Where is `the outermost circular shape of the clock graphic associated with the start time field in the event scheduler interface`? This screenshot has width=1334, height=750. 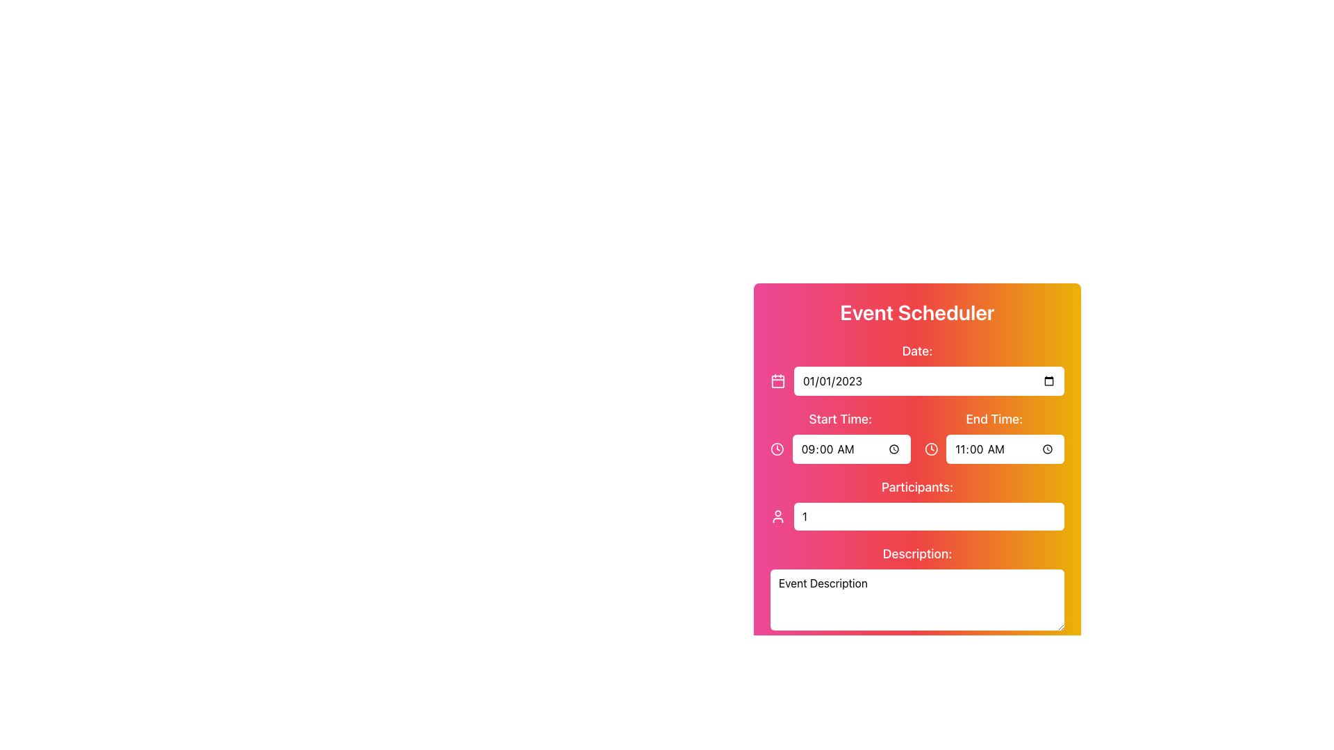
the outermost circular shape of the clock graphic associated with the start time field in the event scheduler interface is located at coordinates (931, 449).